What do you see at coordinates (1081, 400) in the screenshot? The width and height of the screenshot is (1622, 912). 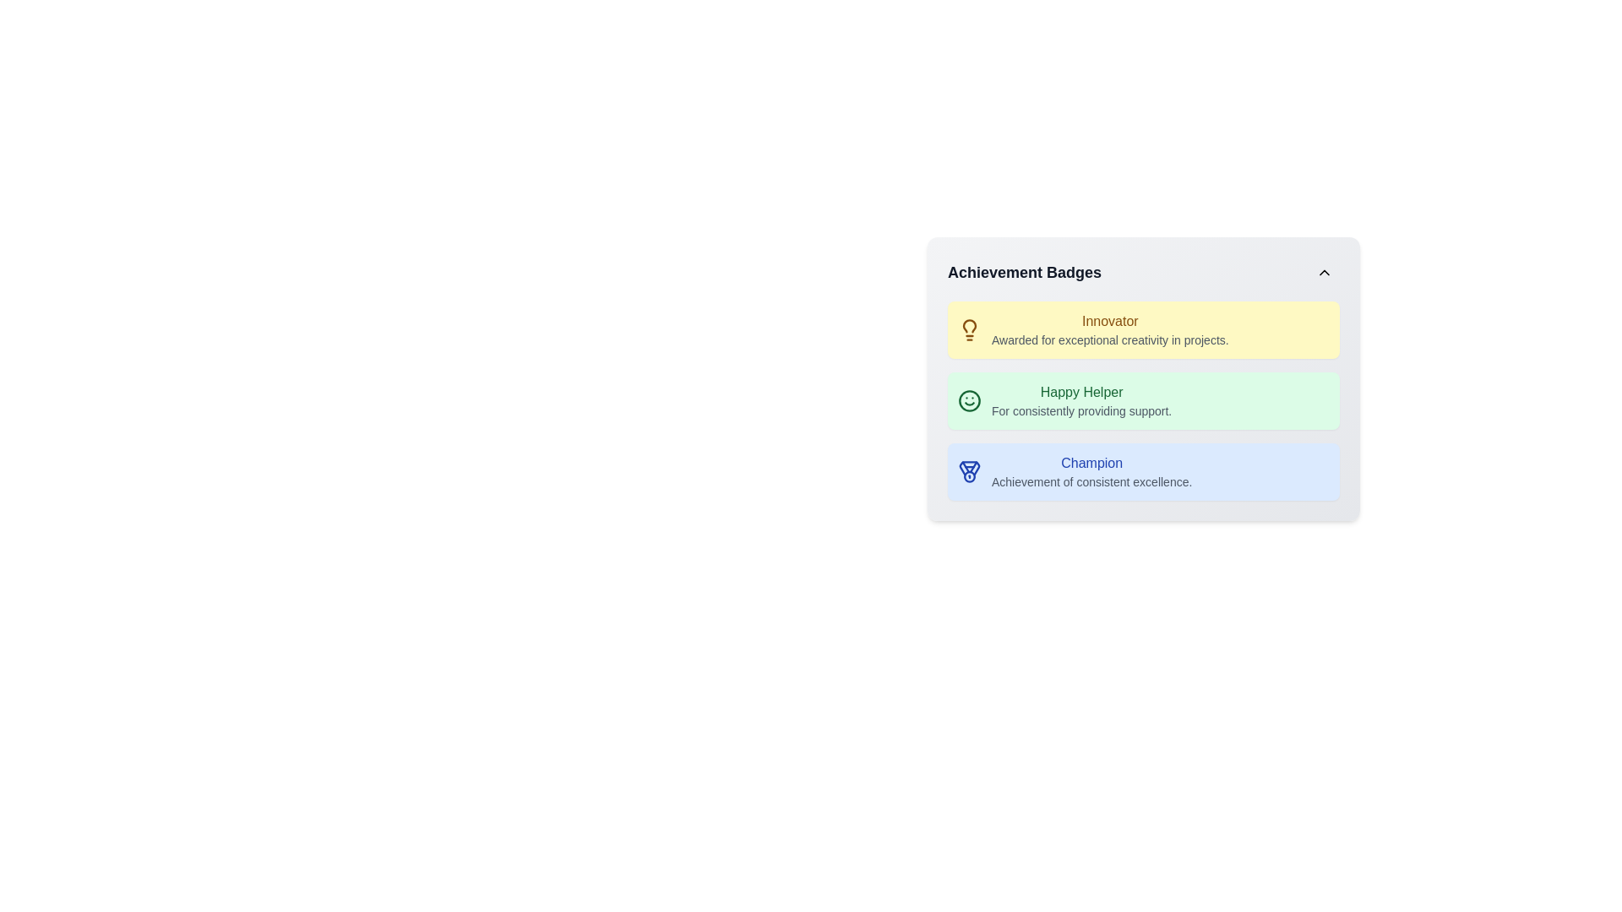 I see `the 'Happy Helper' badge, which is a textual UI element with a bold green title and a gray subtitle, located in the green section of the awards list` at bounding box center [1081, 400].